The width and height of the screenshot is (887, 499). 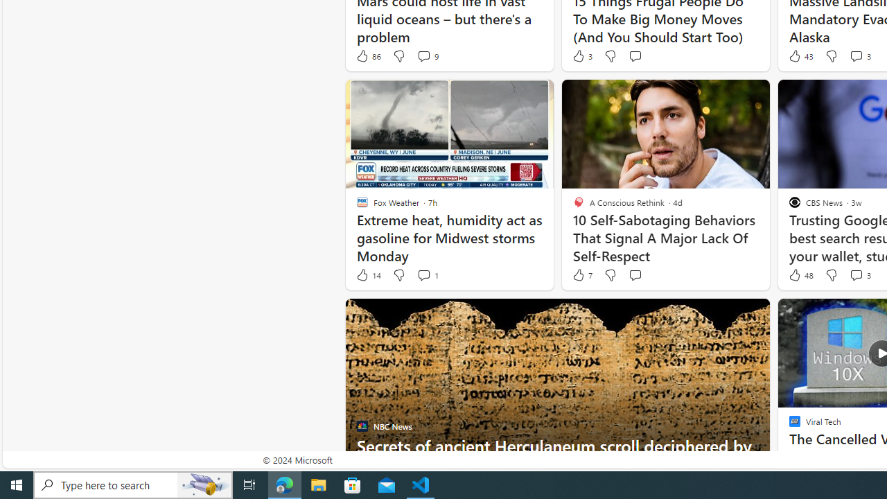 I want to click on '7 Like', so click(x=581, y=275).